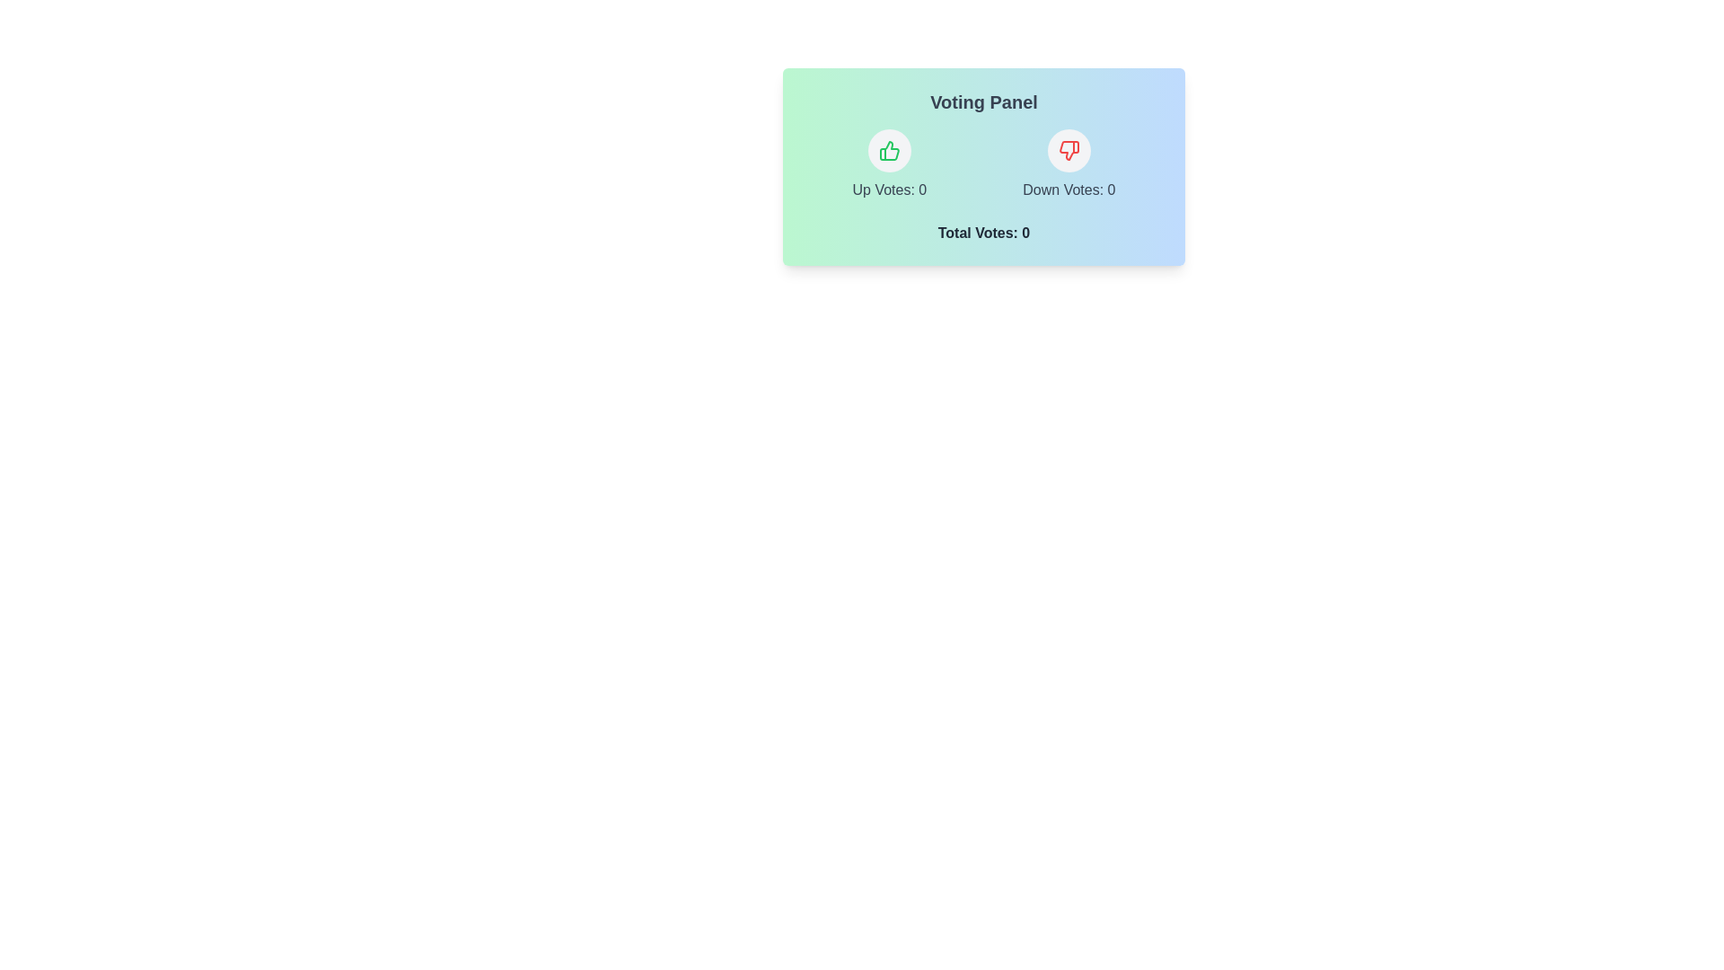  I want to click on the vote count displayed below the circular thumbs-down icon with a red symbol labeled 'Down Votes: 0' in the Voting Panel section, so click(1069, 165).